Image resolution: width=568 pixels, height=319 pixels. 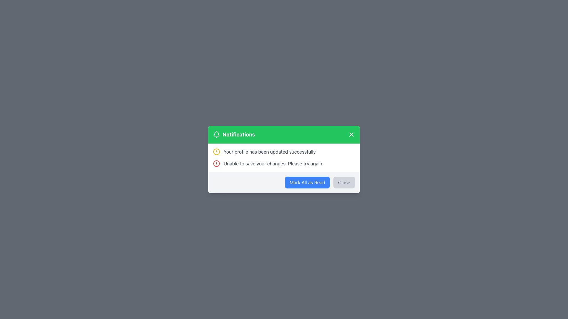 I want to click on notification message displaying 'Unable to save your changes. Please try again.' which is the second message in the notification panel, so click(x=284, y=164).